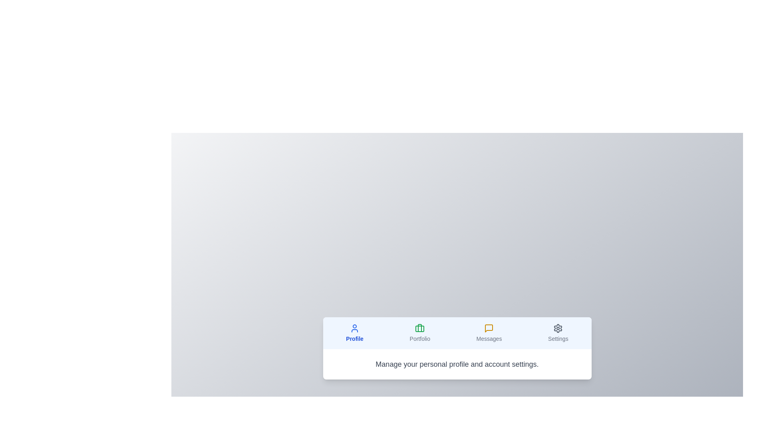 The image size is (767, 431). Describe the element at coordinates (419, 333) in the screenshot. I see `the 'Portfolio' tab to activate it and view its content` at that location.